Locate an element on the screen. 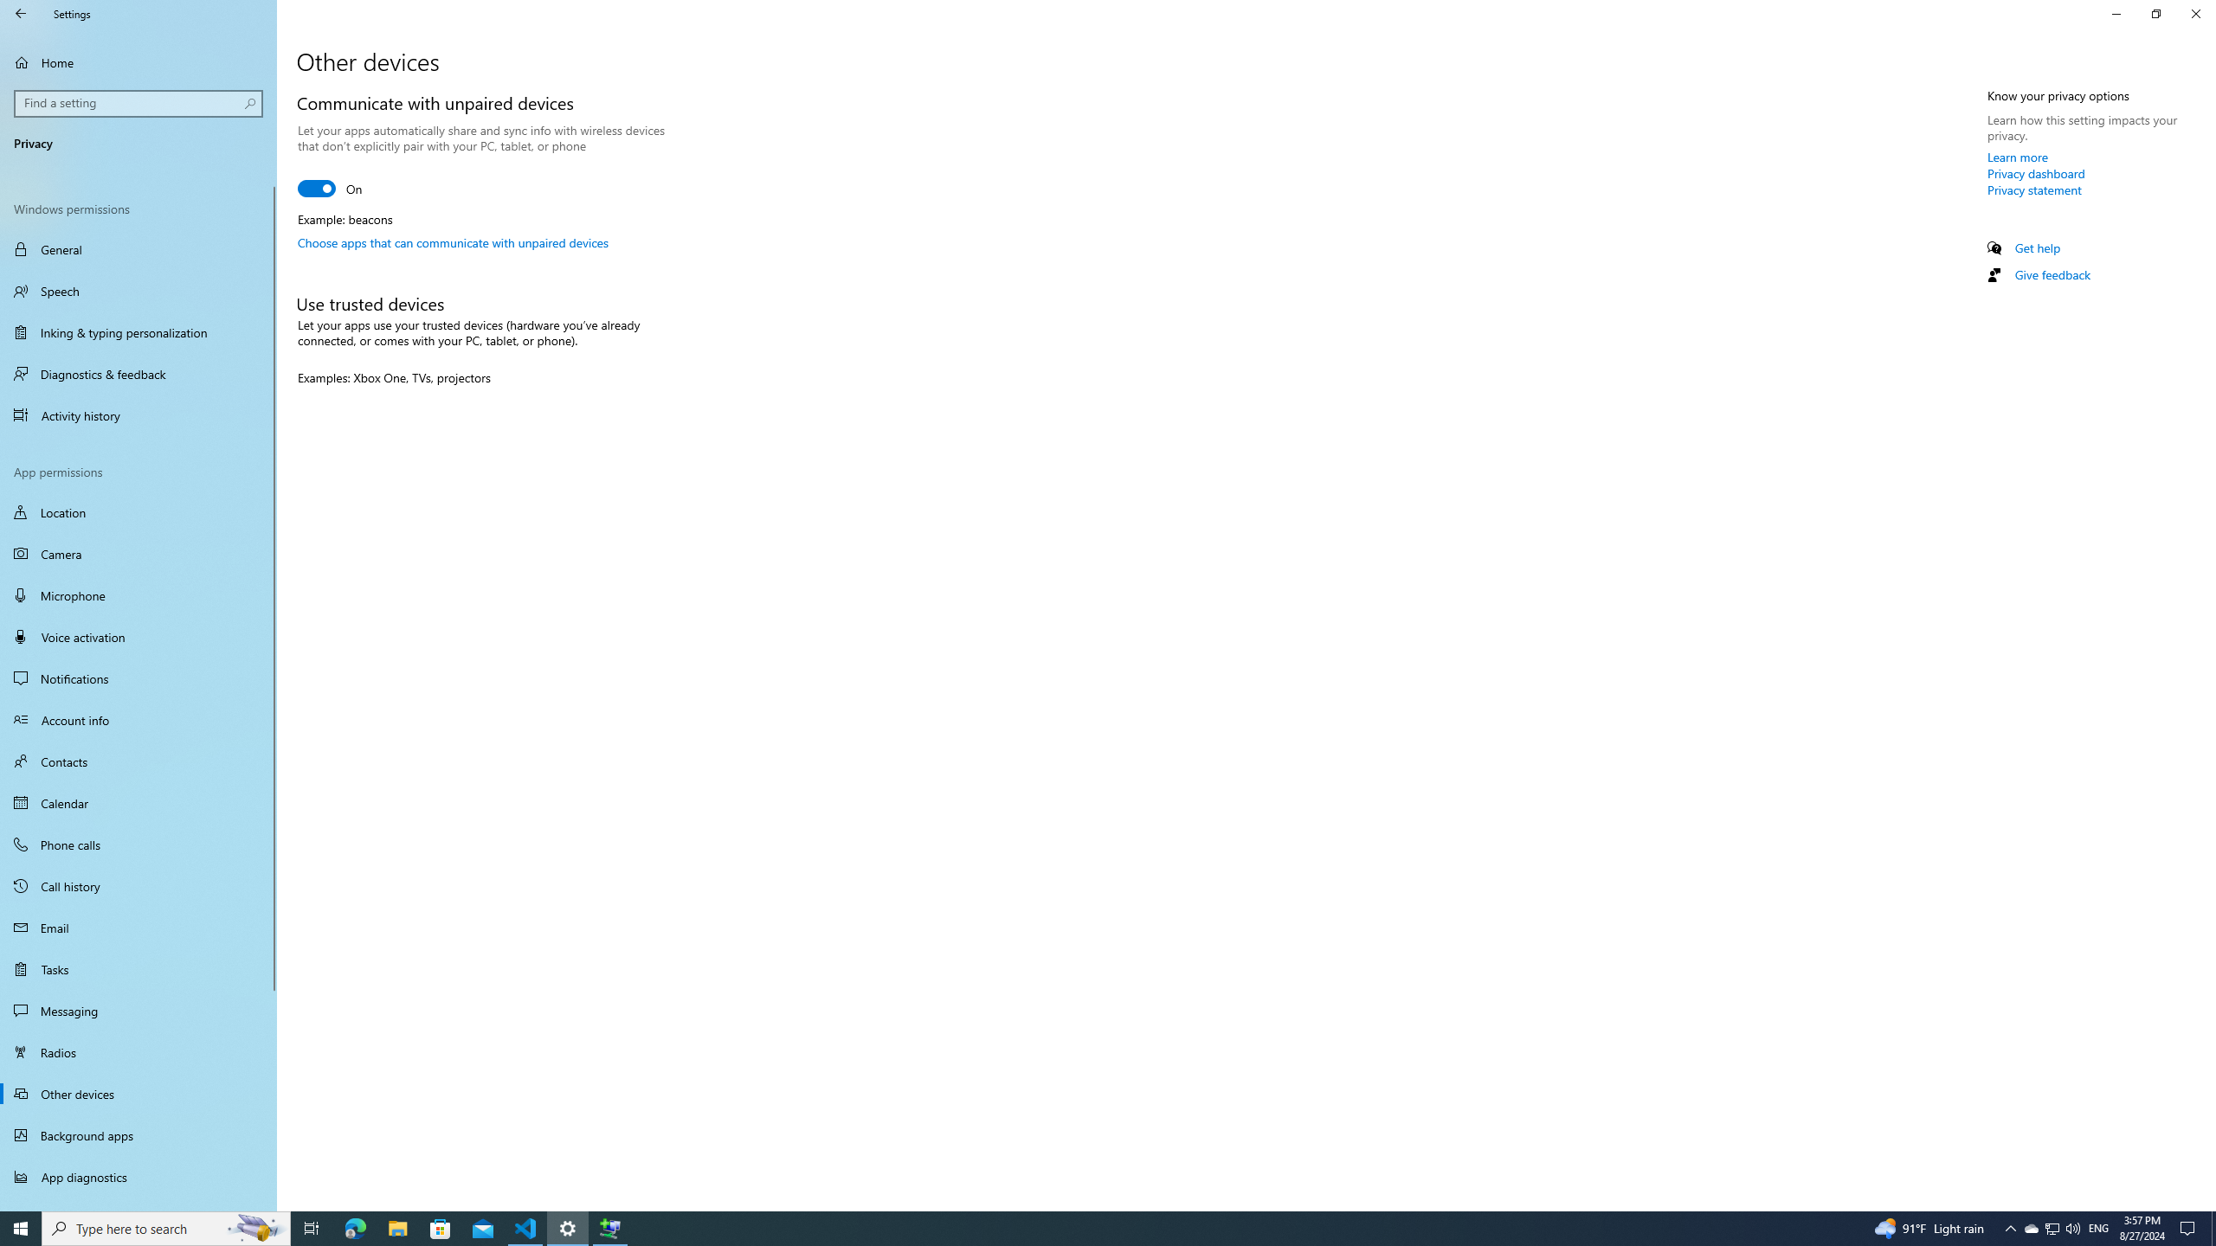 The image size is (2216, 1246). 'Voice activation' is located at coordinates (138, 636).